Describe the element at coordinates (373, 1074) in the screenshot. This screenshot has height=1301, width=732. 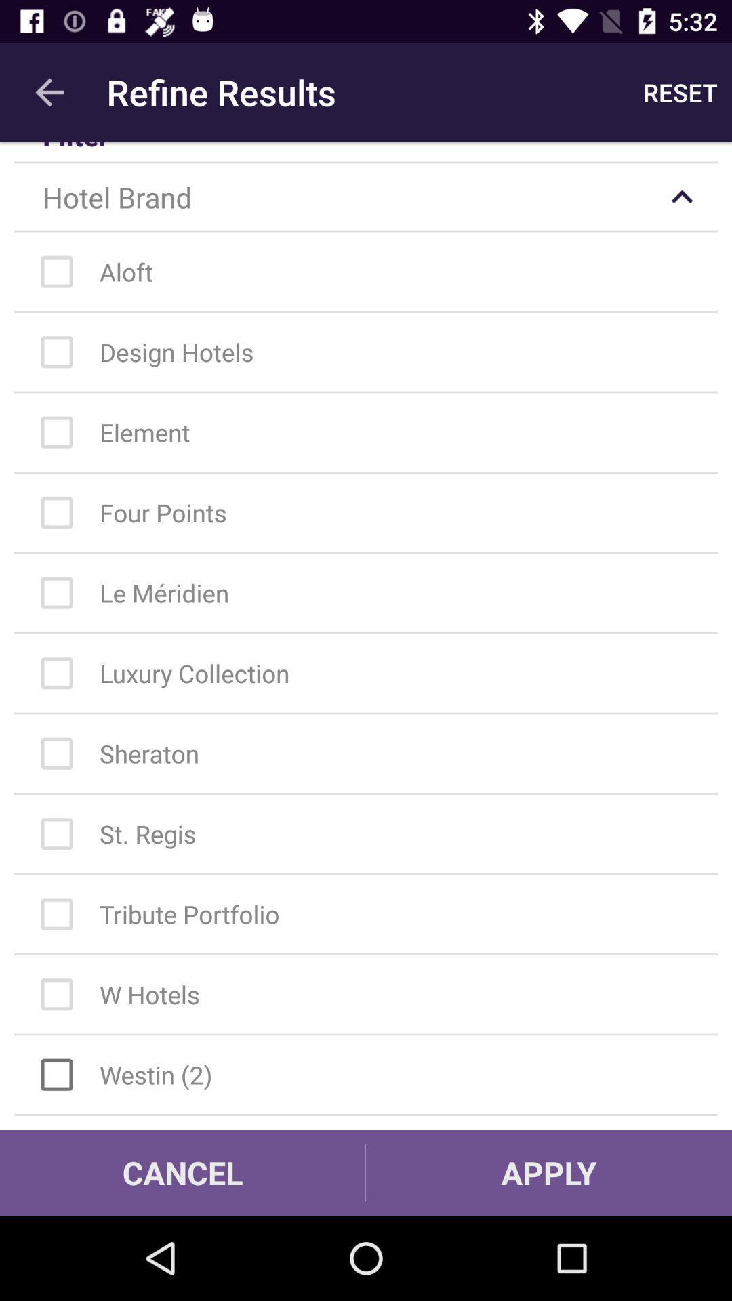
I see `the last hotel brand` at that location.